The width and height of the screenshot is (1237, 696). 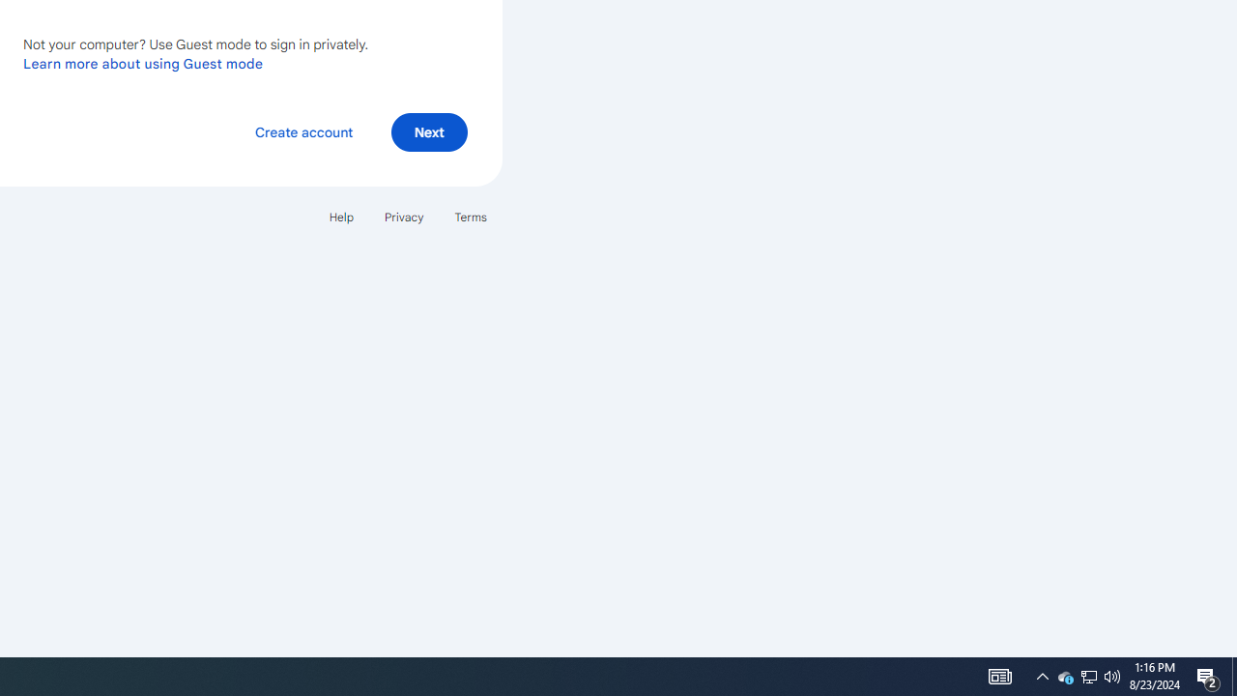 I want to click on 'Help', so click(x=340, y=217).